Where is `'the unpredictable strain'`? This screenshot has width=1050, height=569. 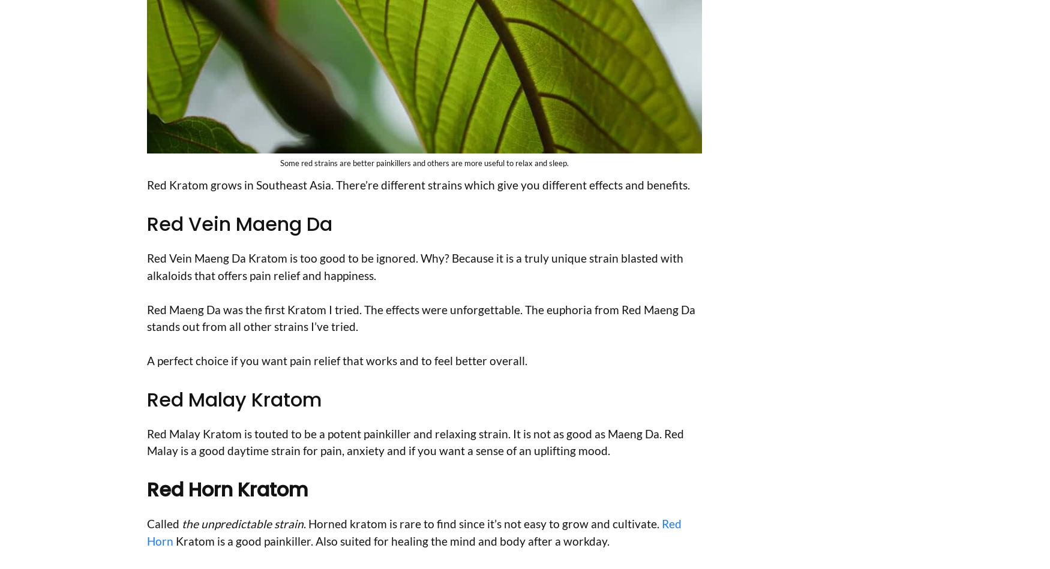 'the unpredictable strain' is located at coordinates (242, 523).